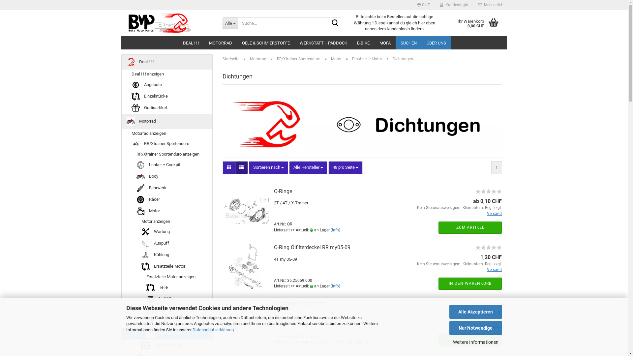 The height and width of the screenshot is (356, 633). What do you see at coordinates (121, 231) in the screenshot?
I see `'Wartung'` at bounding box center [121, 231].